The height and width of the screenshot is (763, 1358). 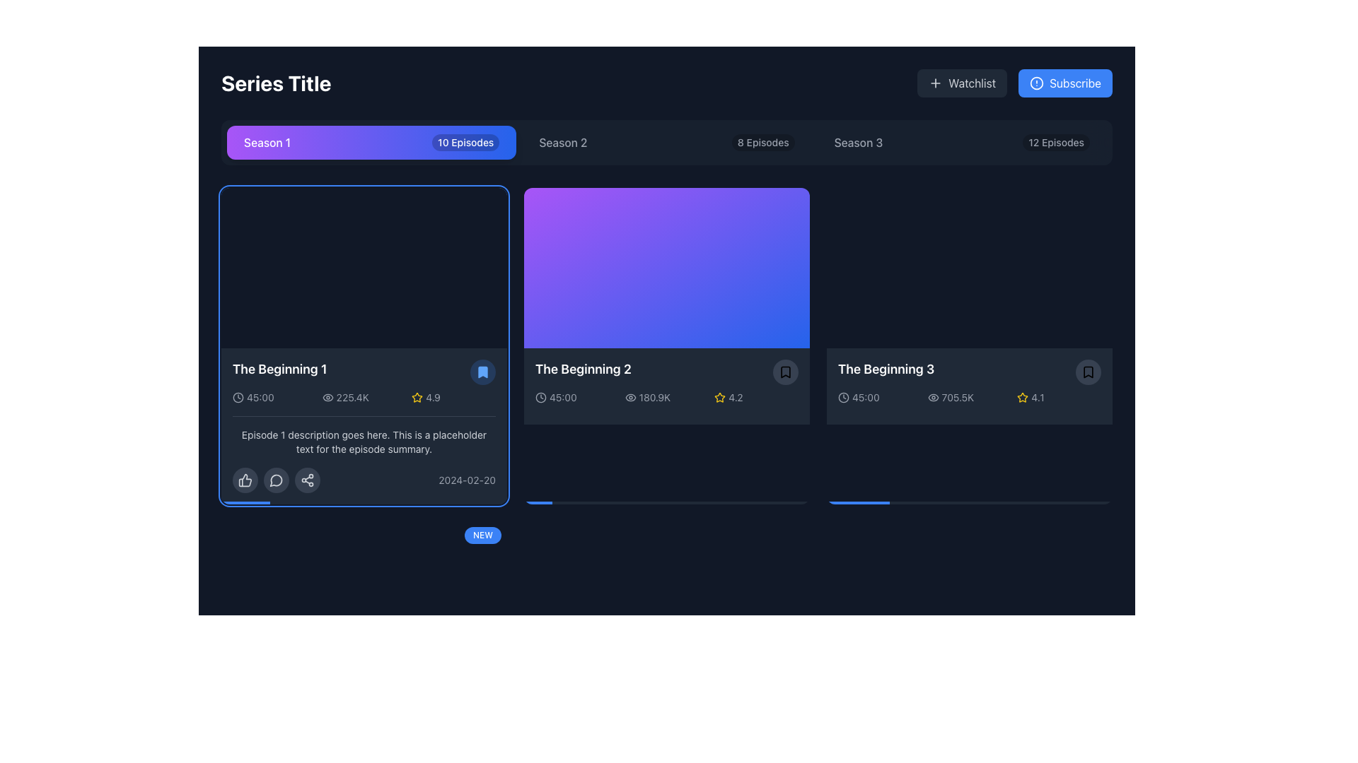 I want to click on the bookmark icon located in the top-right corner of the card labeled 'The Beginning 1' to bookmark the item, so click(x=482, y=372).